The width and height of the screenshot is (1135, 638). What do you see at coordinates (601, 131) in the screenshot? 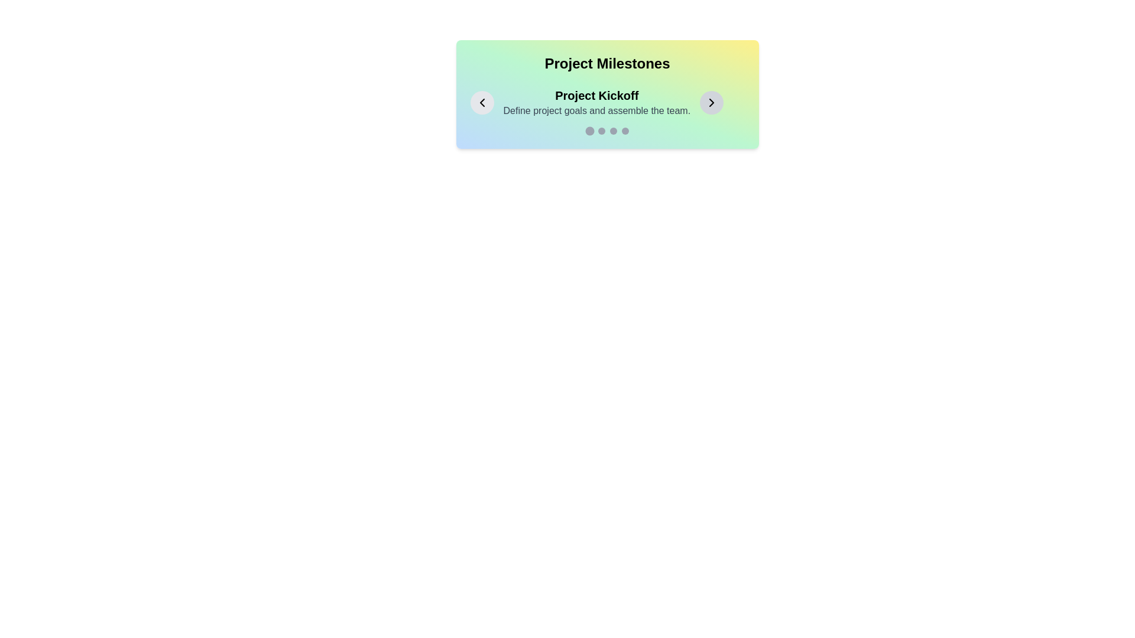
I see `the second gray circular indicator dot in the row of four dots under the 'Project Milestones' card` at bounding box center [601, 131].